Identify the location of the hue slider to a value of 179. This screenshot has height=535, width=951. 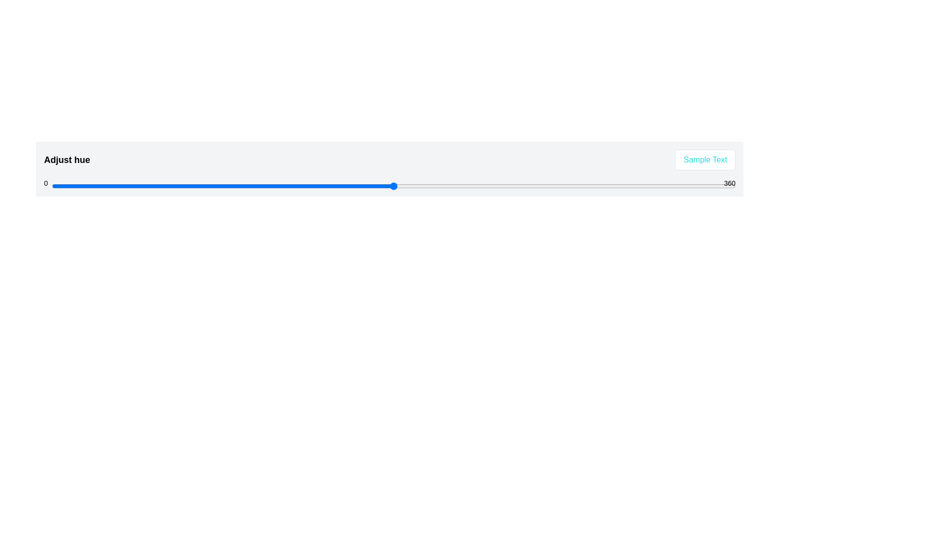
(391, 186).